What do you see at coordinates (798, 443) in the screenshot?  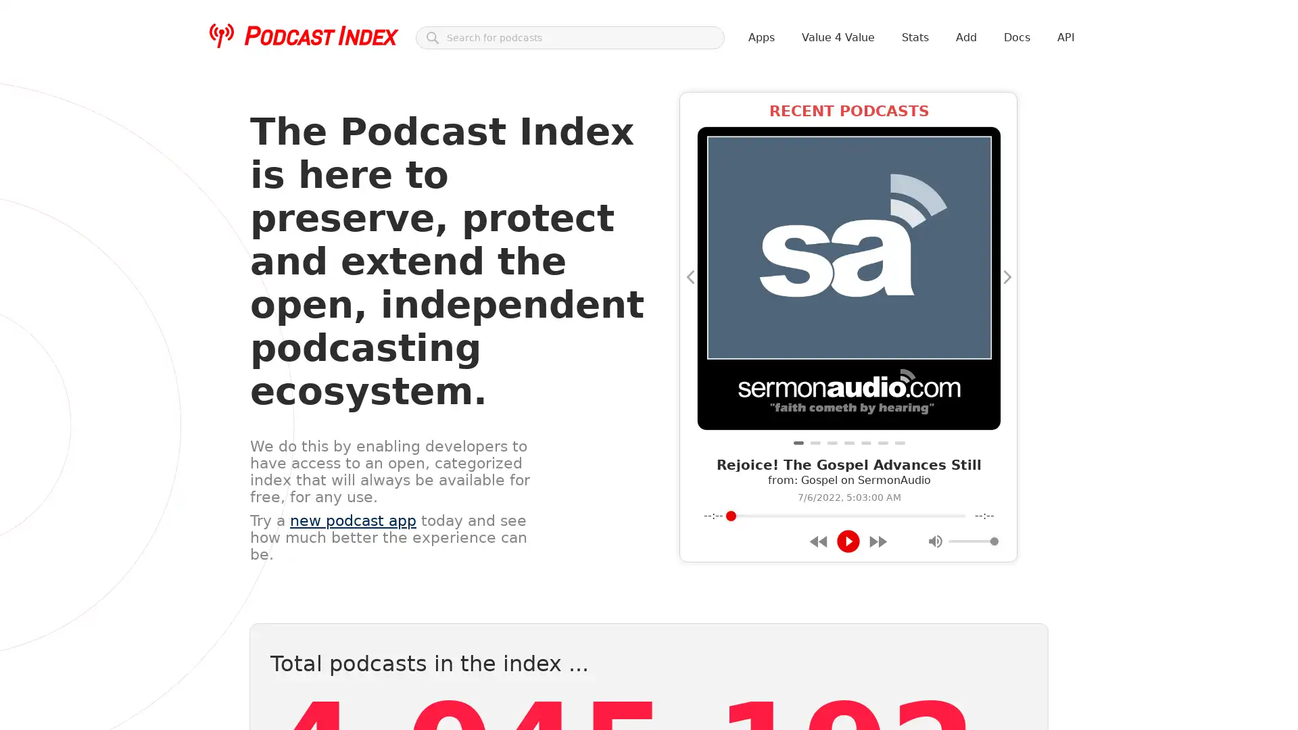 I see `Rejoice! The Gospel Advances Still` at bounding box center [798, 443].